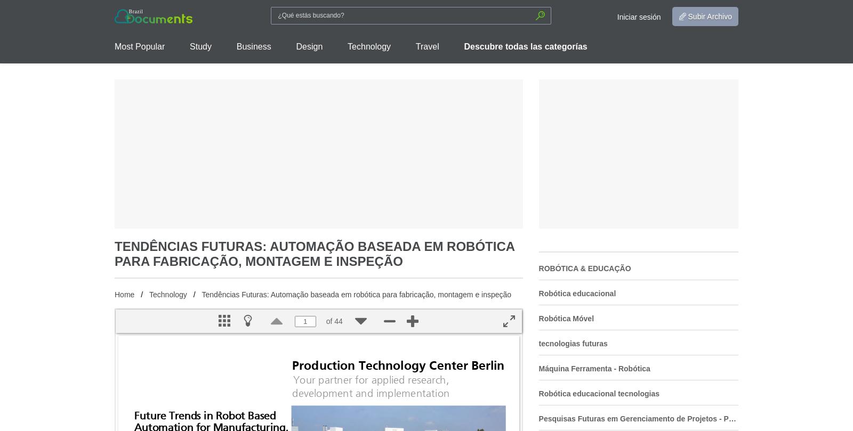  What do you see at coordinates (566, 319) in the screenshot?
I see `'Robótica Móvel'` at bounding box center [566, 319].